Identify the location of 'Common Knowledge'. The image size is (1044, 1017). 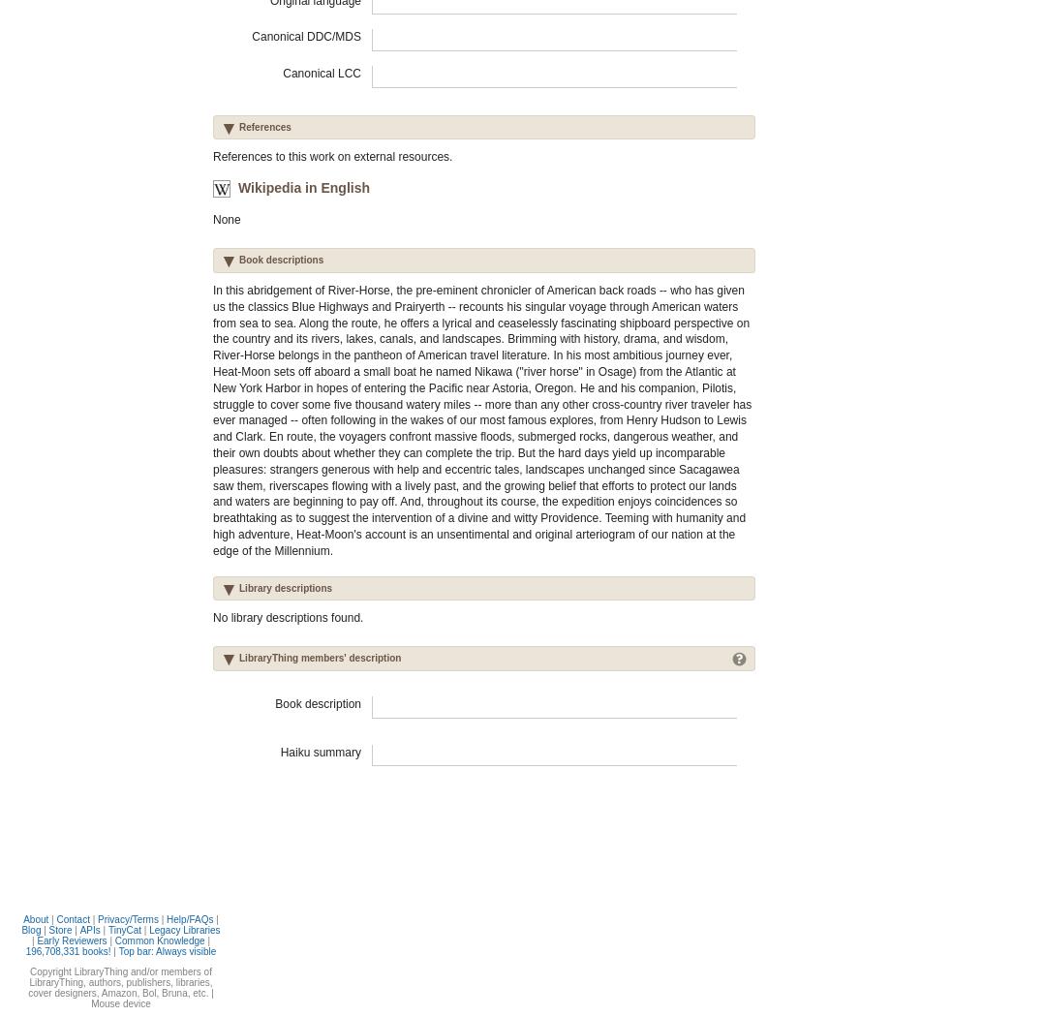
(158, 940).